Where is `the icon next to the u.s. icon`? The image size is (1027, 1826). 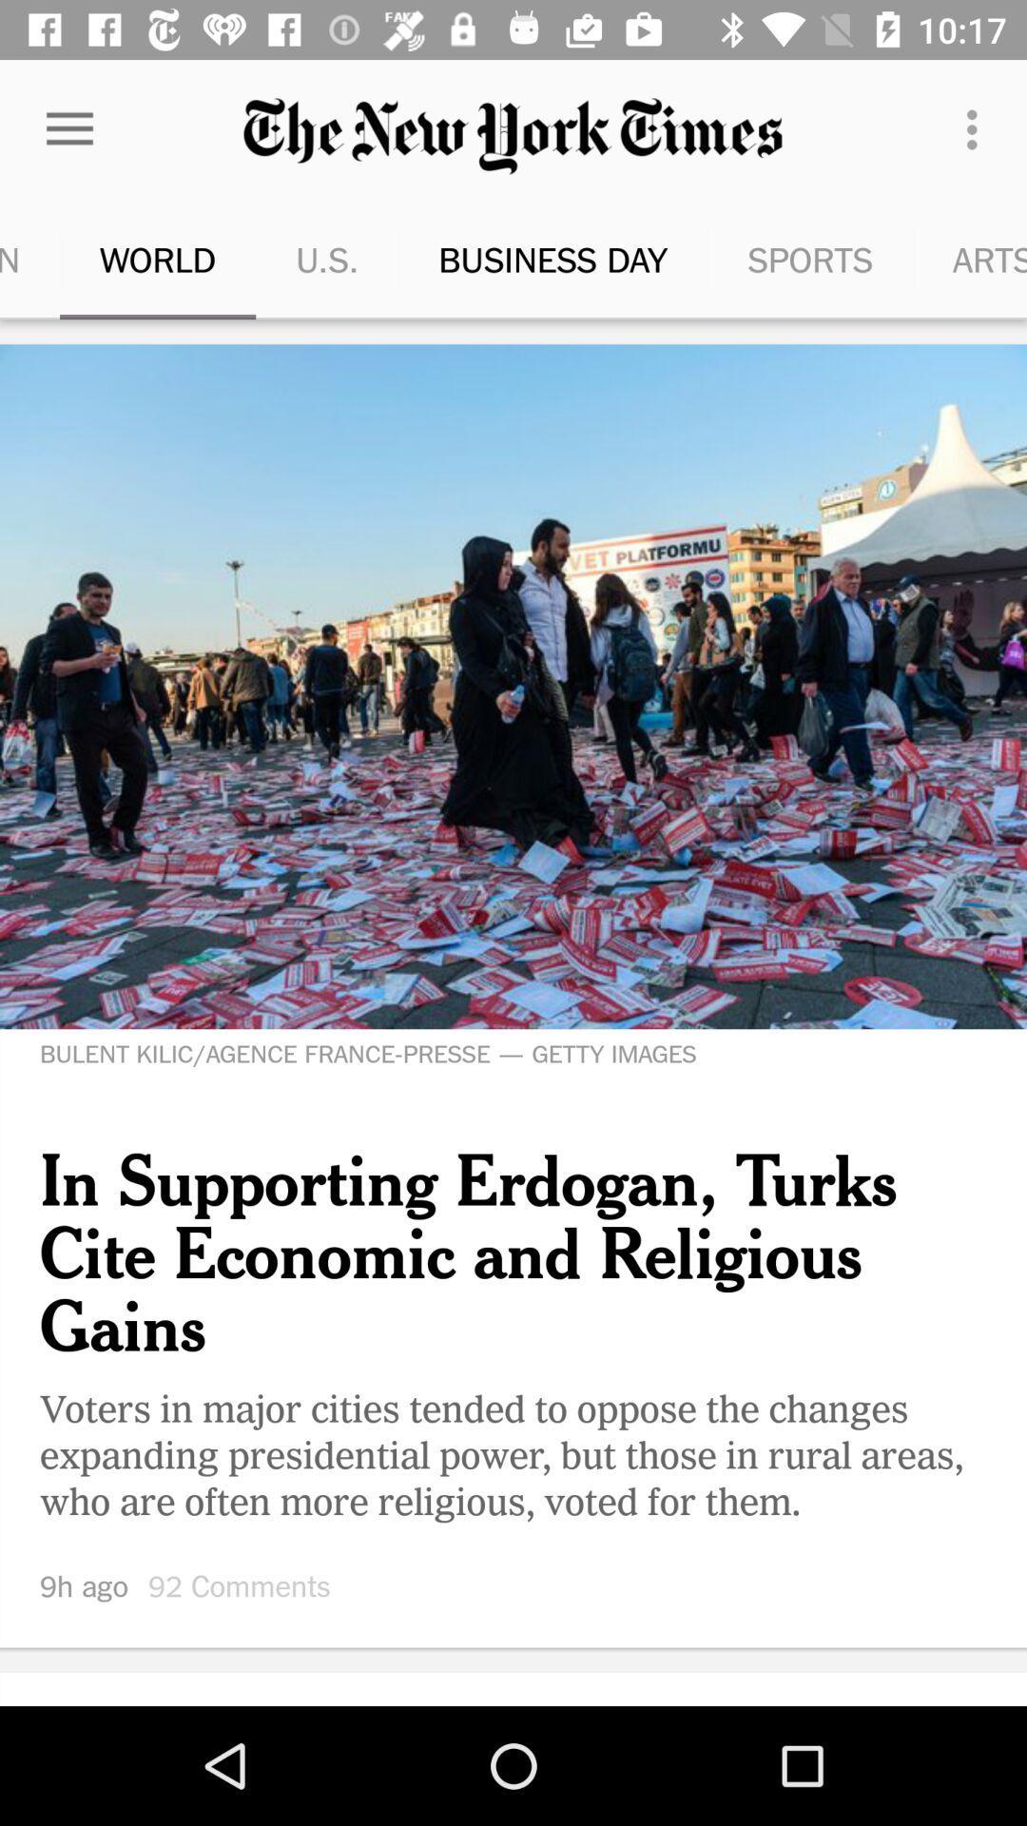 the icon next to the u.s. icon is located at coordinates (68, 128).